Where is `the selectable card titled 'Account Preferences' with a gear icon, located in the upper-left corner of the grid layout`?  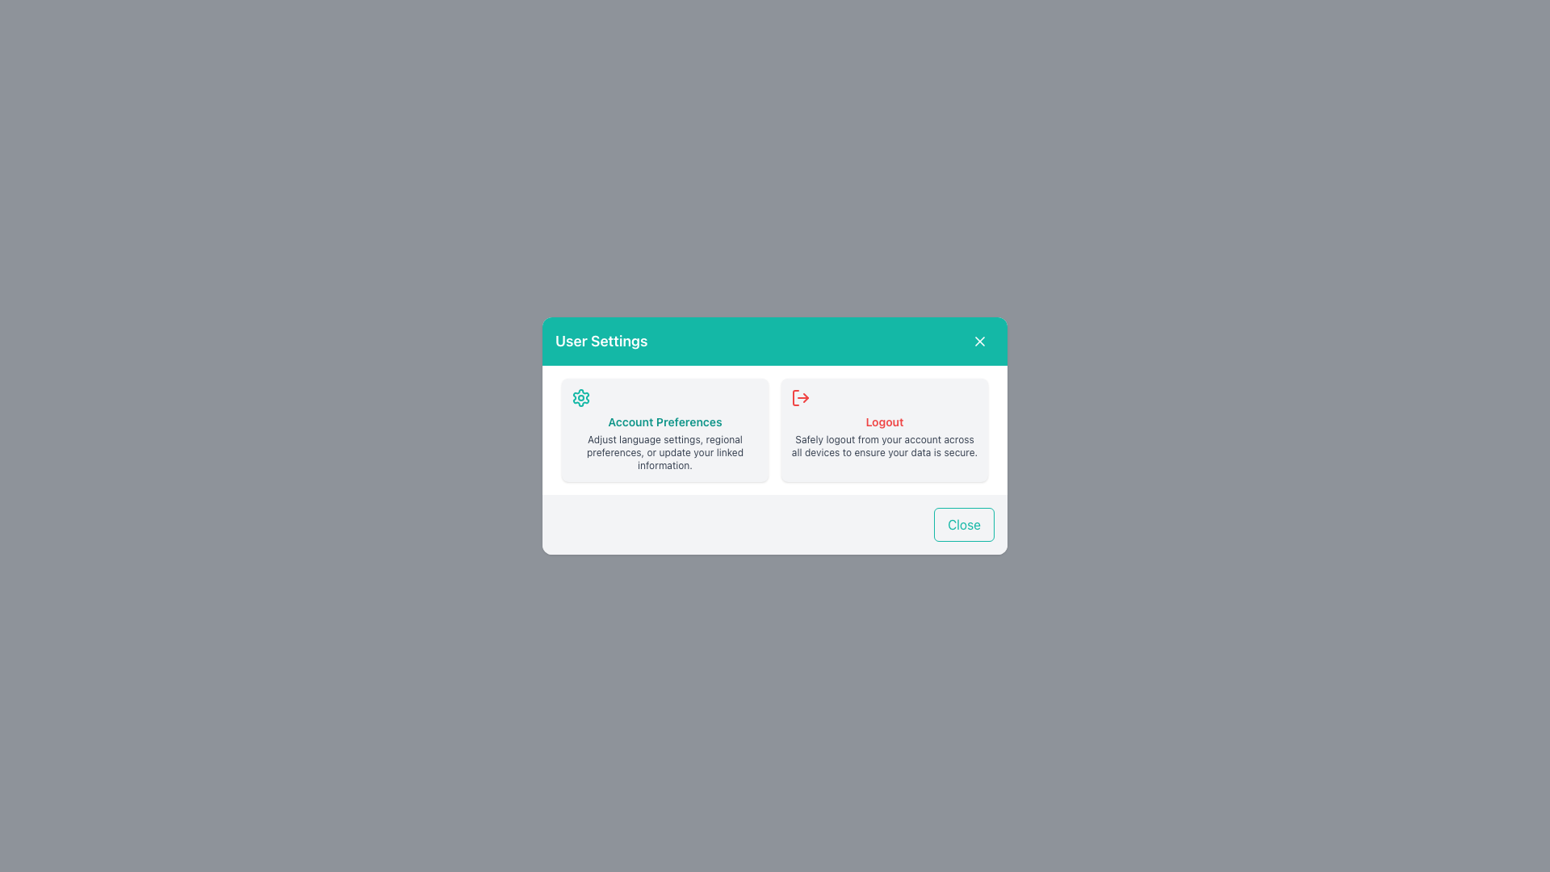 the selectable card titled 'Account Preferences' with a gear icon, located in the upper-left corner of the grid layout is located at coordinates (665, 429).